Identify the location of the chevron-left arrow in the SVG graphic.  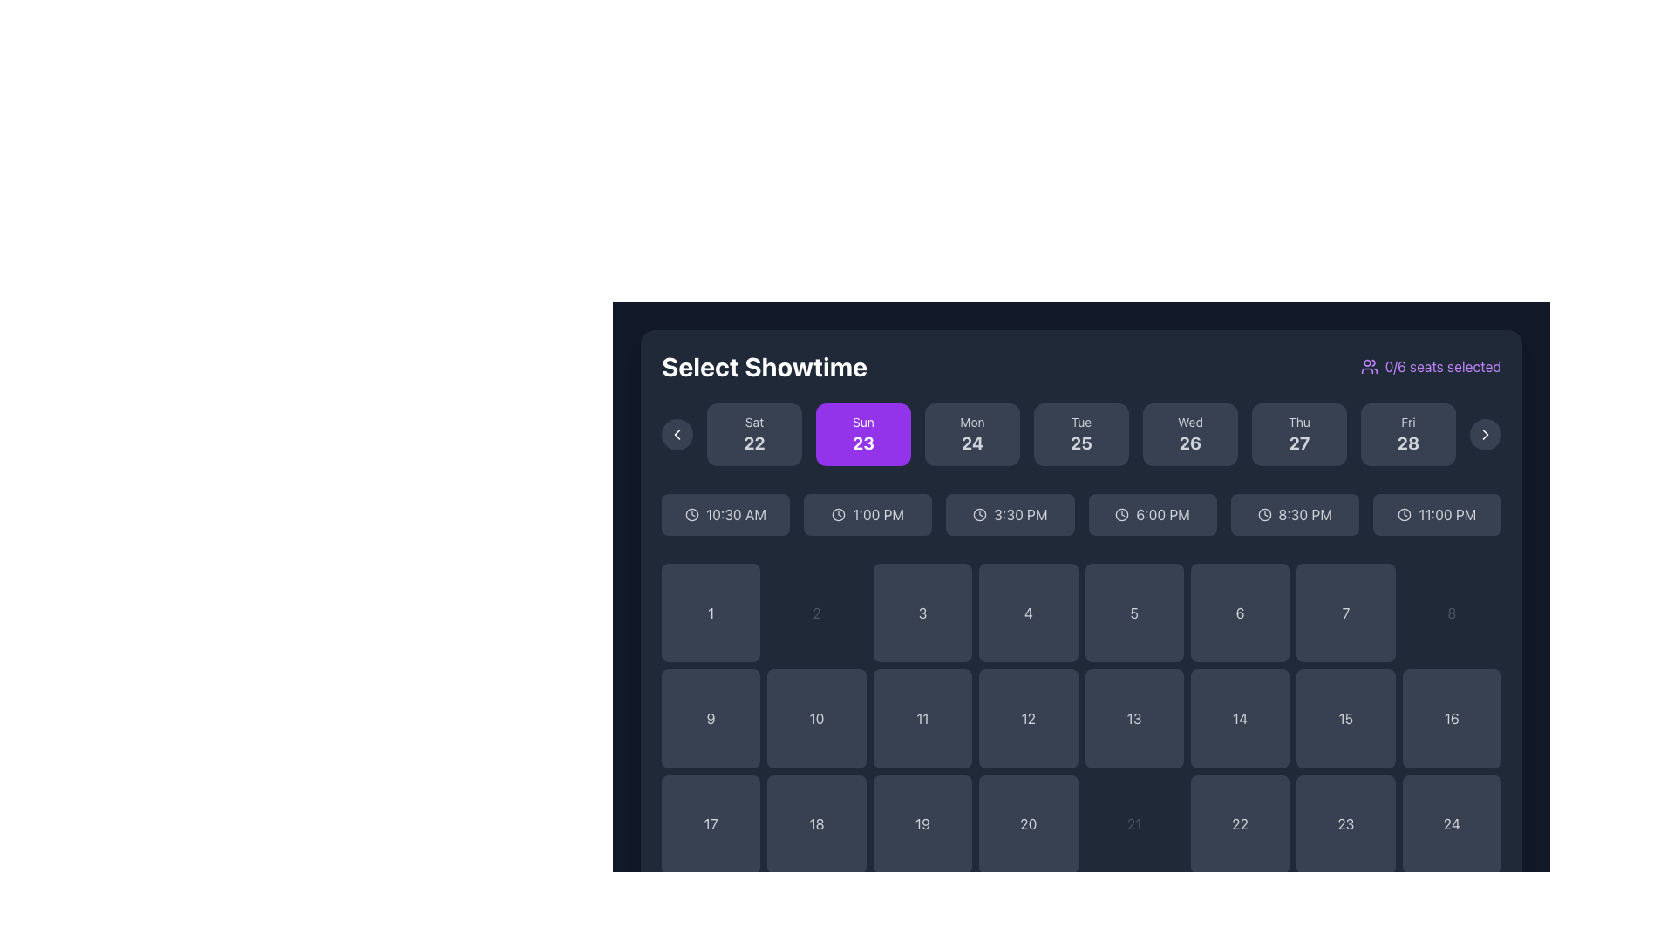
(677, 433).